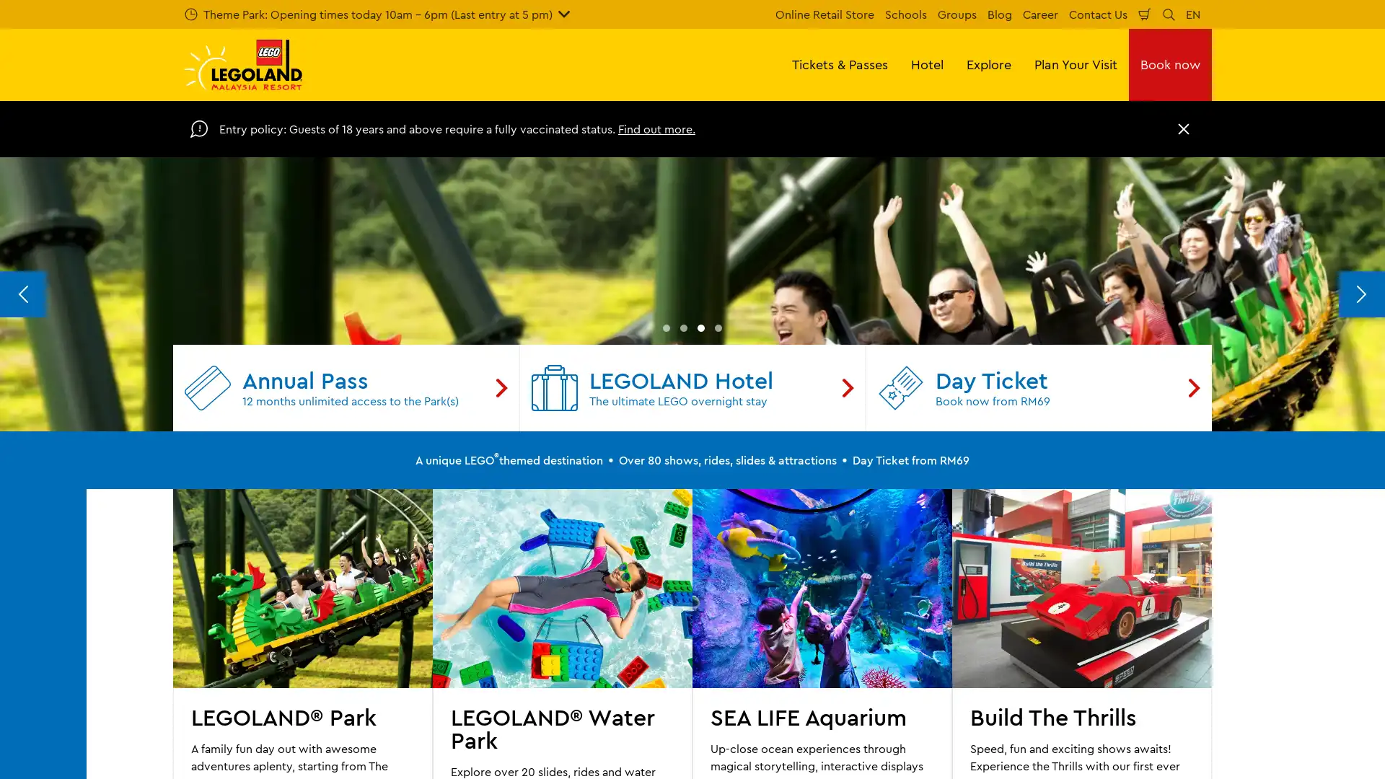 The height and width of the screenshot is (779, 1385). I want to click on Book now, so click(1170, 63).